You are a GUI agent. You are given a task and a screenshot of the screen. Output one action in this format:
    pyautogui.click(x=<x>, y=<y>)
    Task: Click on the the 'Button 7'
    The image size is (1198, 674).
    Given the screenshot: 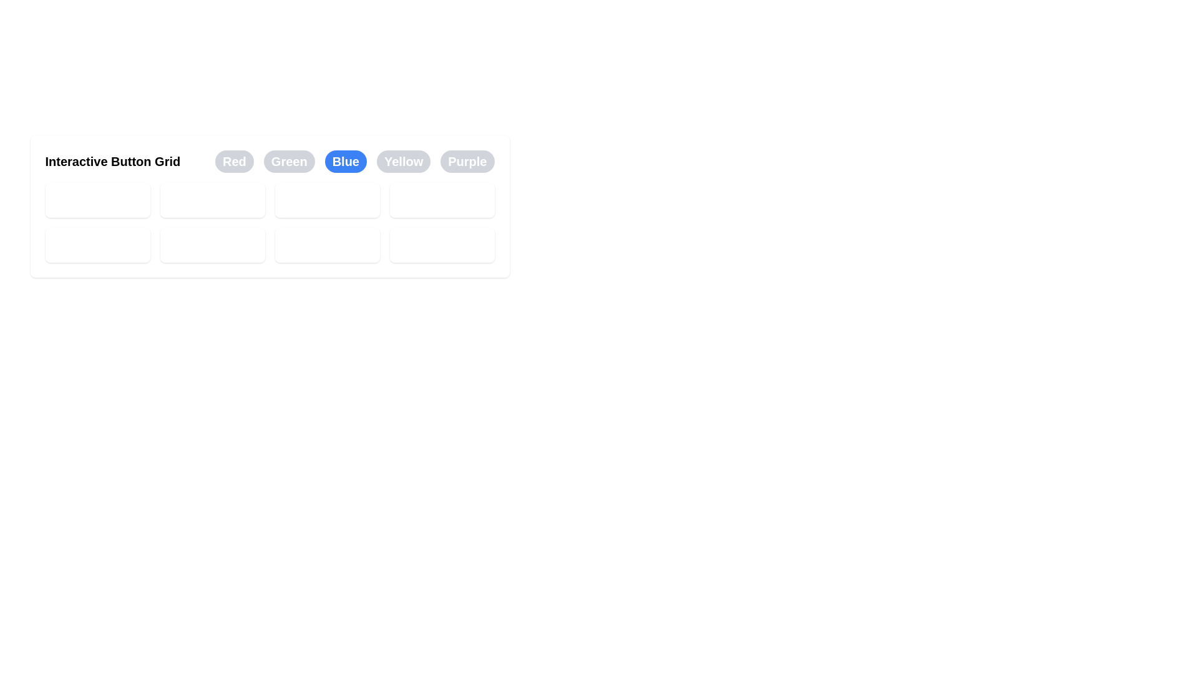 What is the action you would take?
    pyautogui.click(x=327, y=245)
    